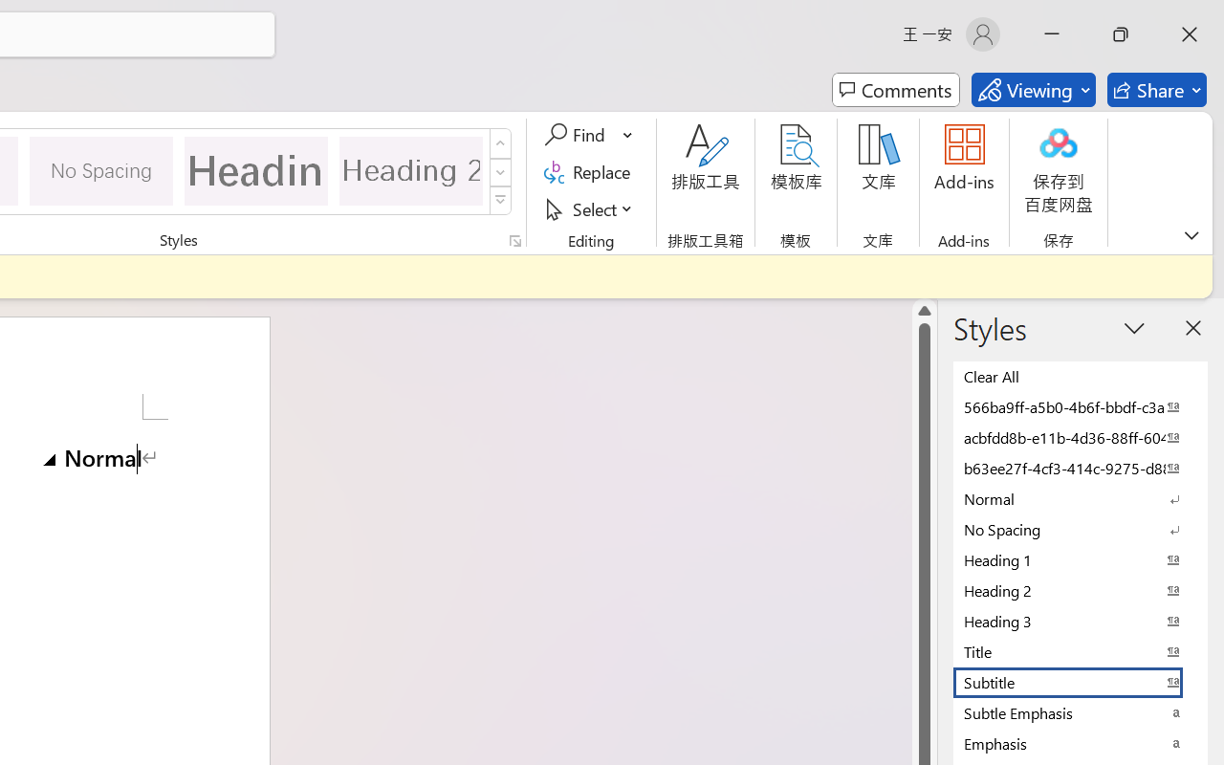  I want to click on 'Subtitle', so click(1081, 681).